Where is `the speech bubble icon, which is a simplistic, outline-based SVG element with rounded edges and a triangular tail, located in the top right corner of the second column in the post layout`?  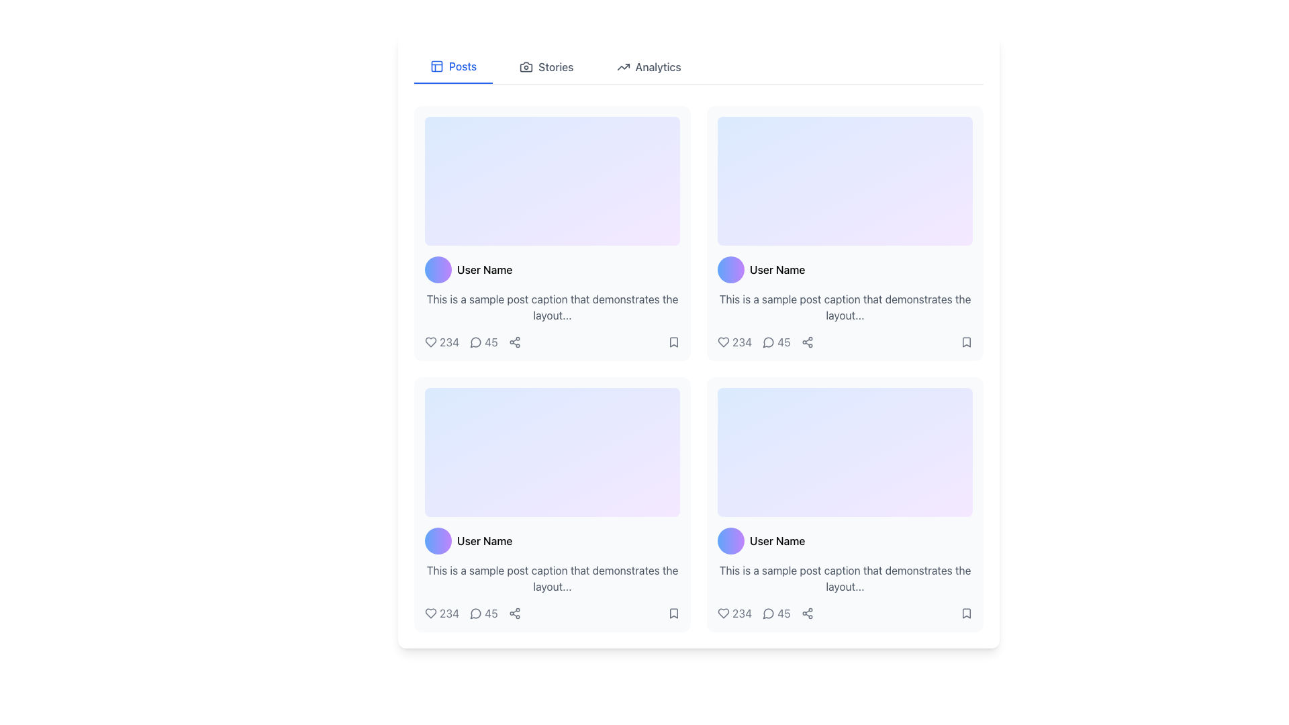 the speech bubble icon, which is a simplistic, outline-based SVG element with rounded edges and a triangular tail, located in the top right corner of the second column in the post layout is located at coordinates (768, 342).